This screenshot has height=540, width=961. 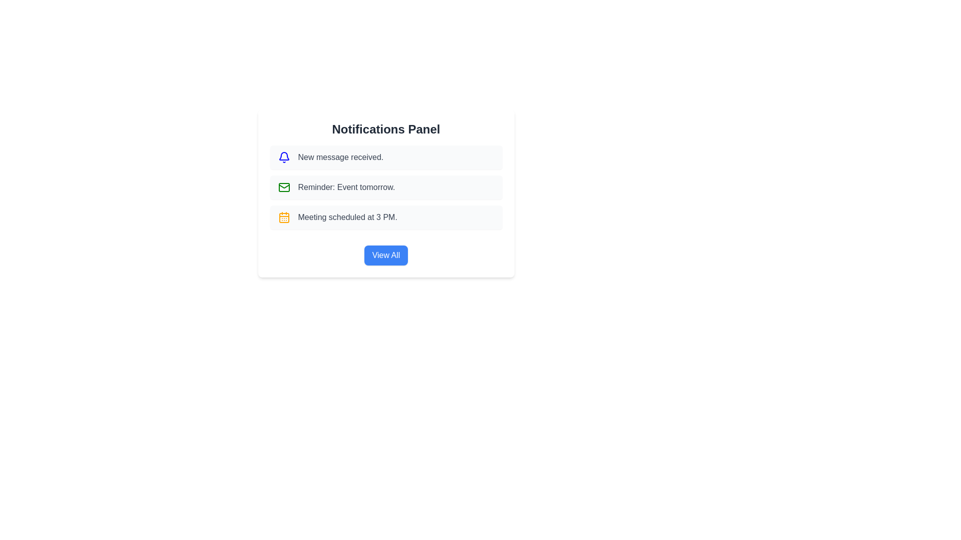 I want to click on text label that displays 'New message received.' in the Notifications Panel, positioned to the right of the bell icon, so click(x=340, y=157).